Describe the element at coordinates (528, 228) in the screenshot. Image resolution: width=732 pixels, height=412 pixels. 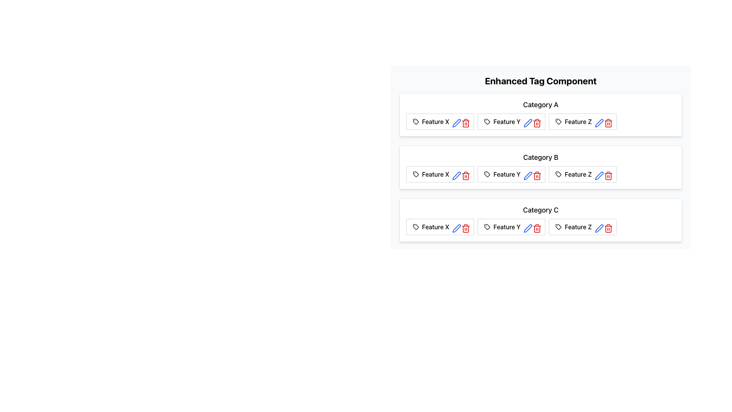
I see `the blue pen icon button in the 'Feature Y' section under 'Category C'` at that location.